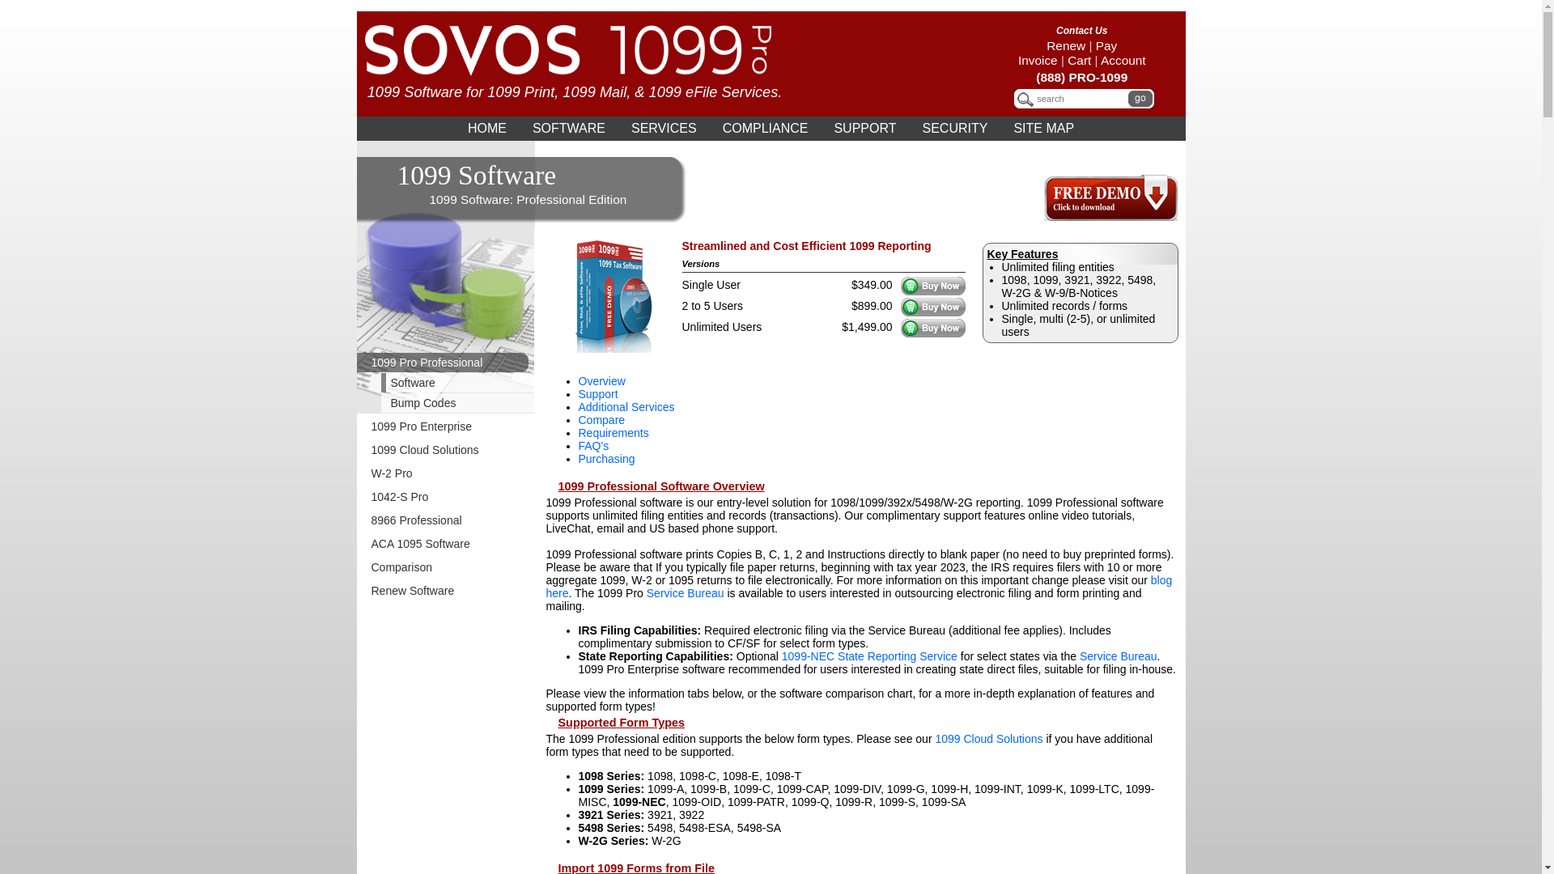 The height and width of the screenshot is (874, 1554). Describe the element at coordinates (445, 495) in the screenshot. I see `'1042-S Pro'` at that location.